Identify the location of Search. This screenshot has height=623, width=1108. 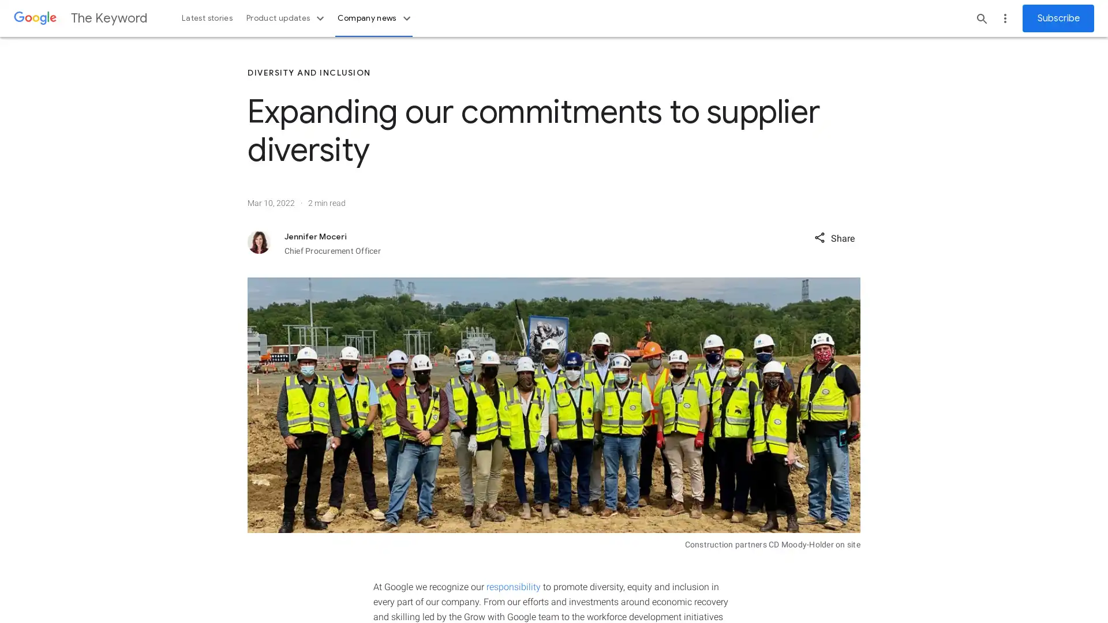
(982, 18).